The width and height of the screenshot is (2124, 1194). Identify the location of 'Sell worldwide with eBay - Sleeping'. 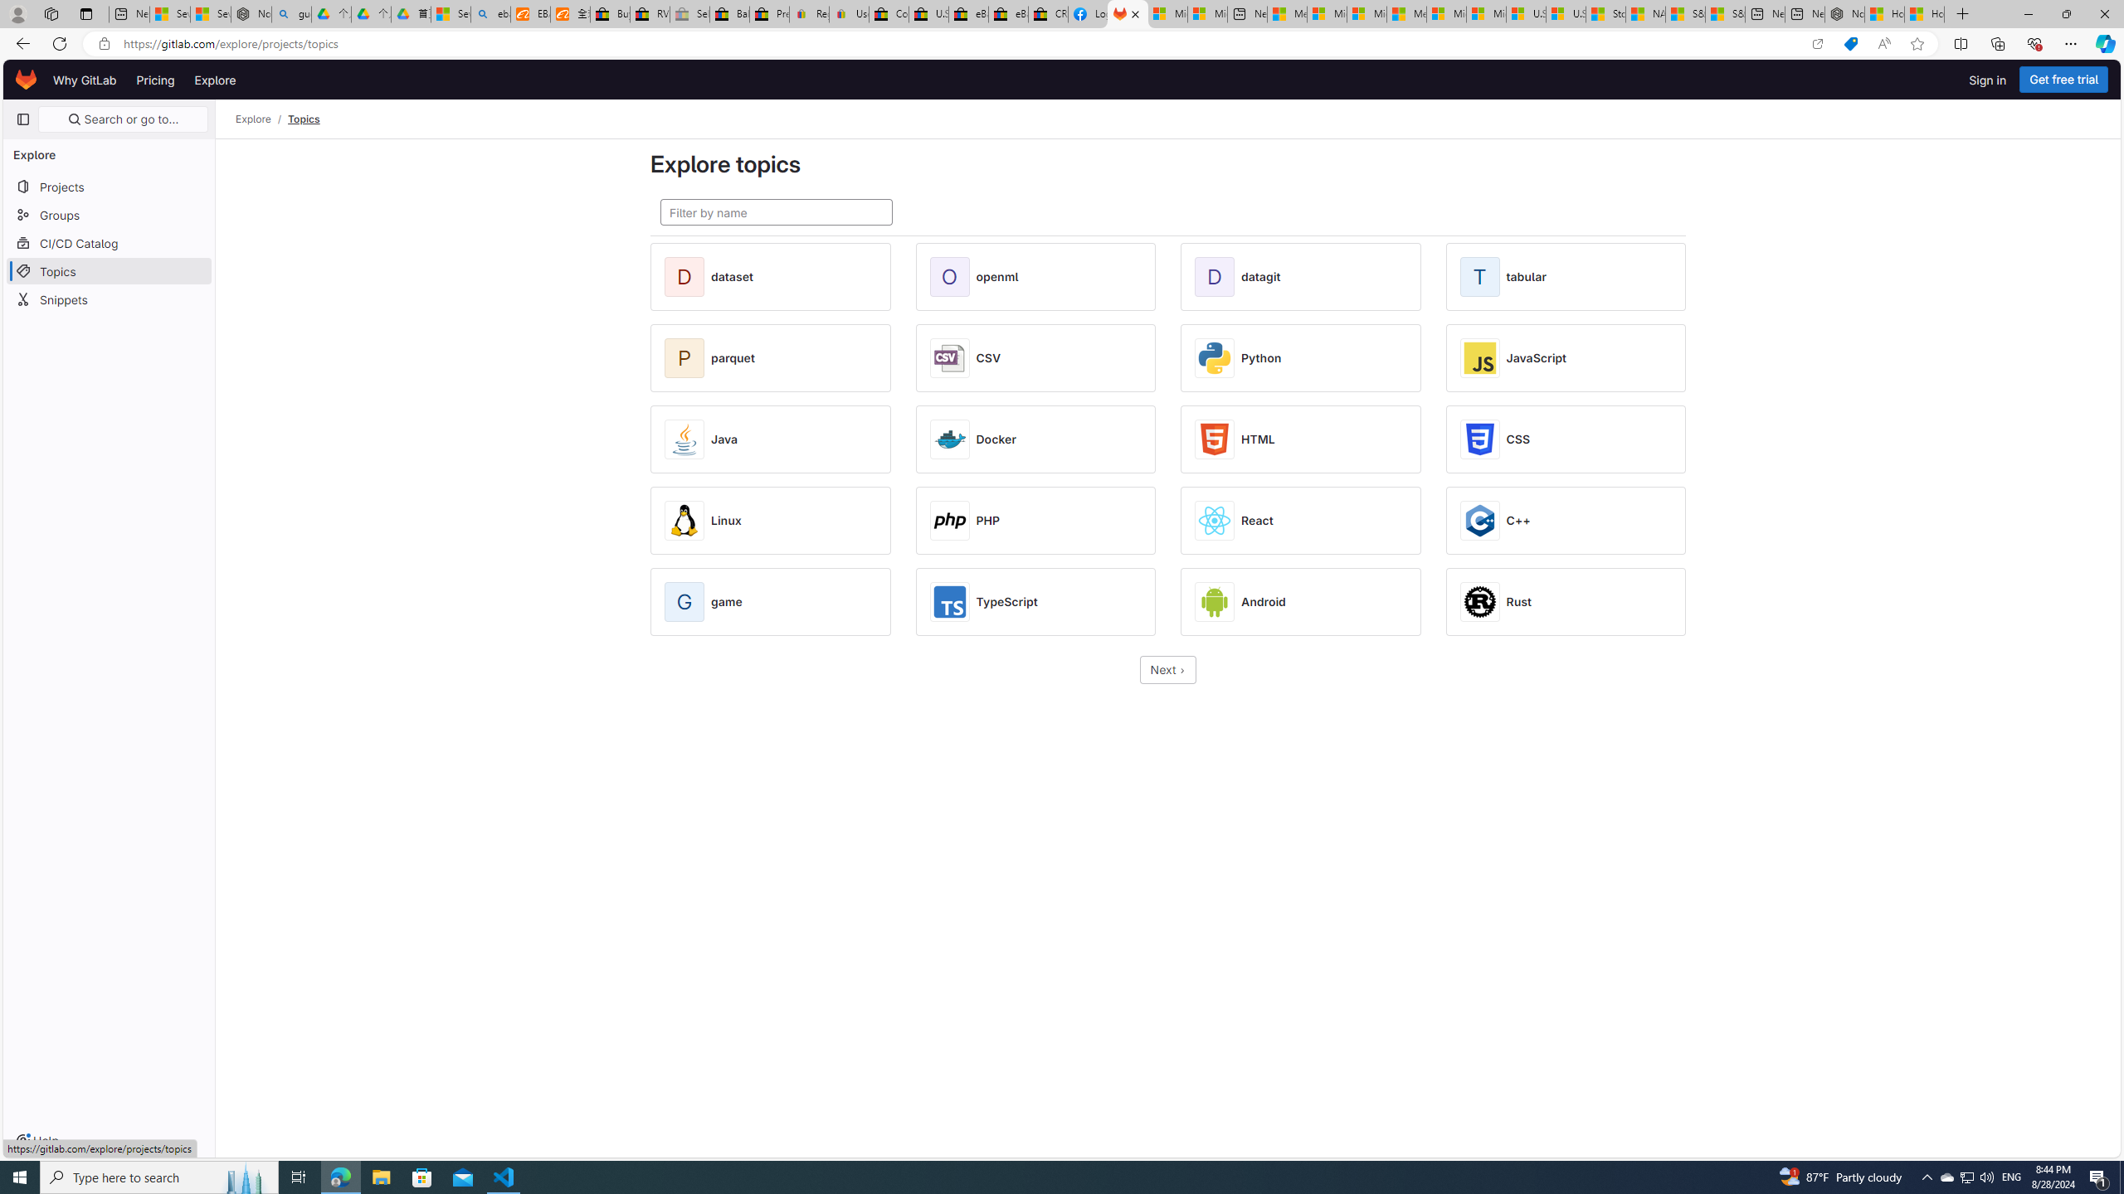
(689, 13).